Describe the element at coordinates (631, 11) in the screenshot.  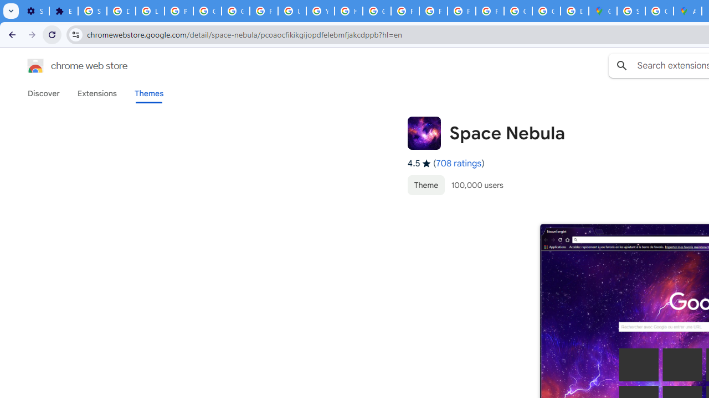
I see `'Sign in - Google Accounts'` at that location.